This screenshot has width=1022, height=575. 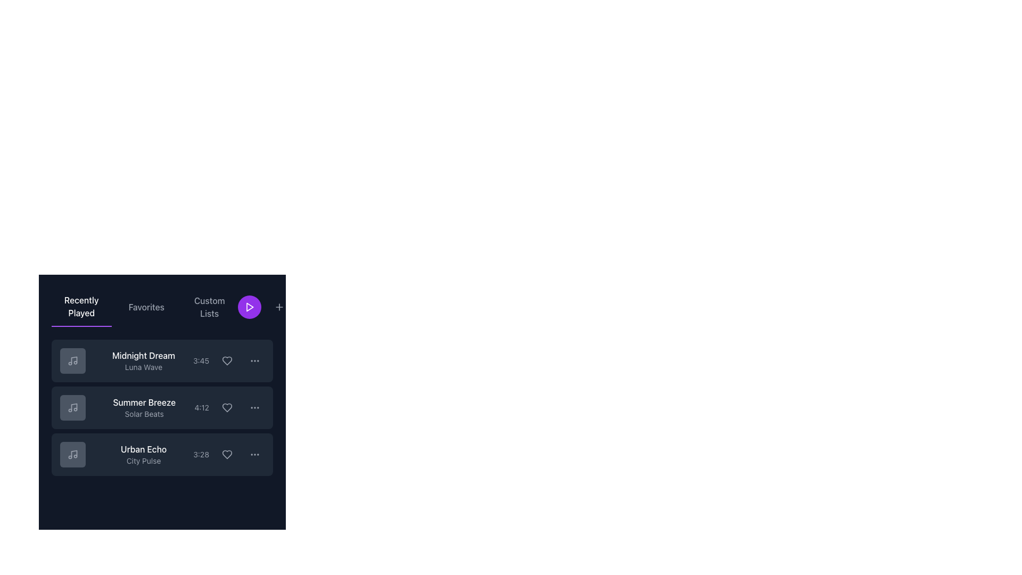 What do you see at coordinates (254, 454) in the screenshot?
I see `the ellipsis icon located to the far right of the 'Urban Echo' track entry` at bounding box center [254, 454].